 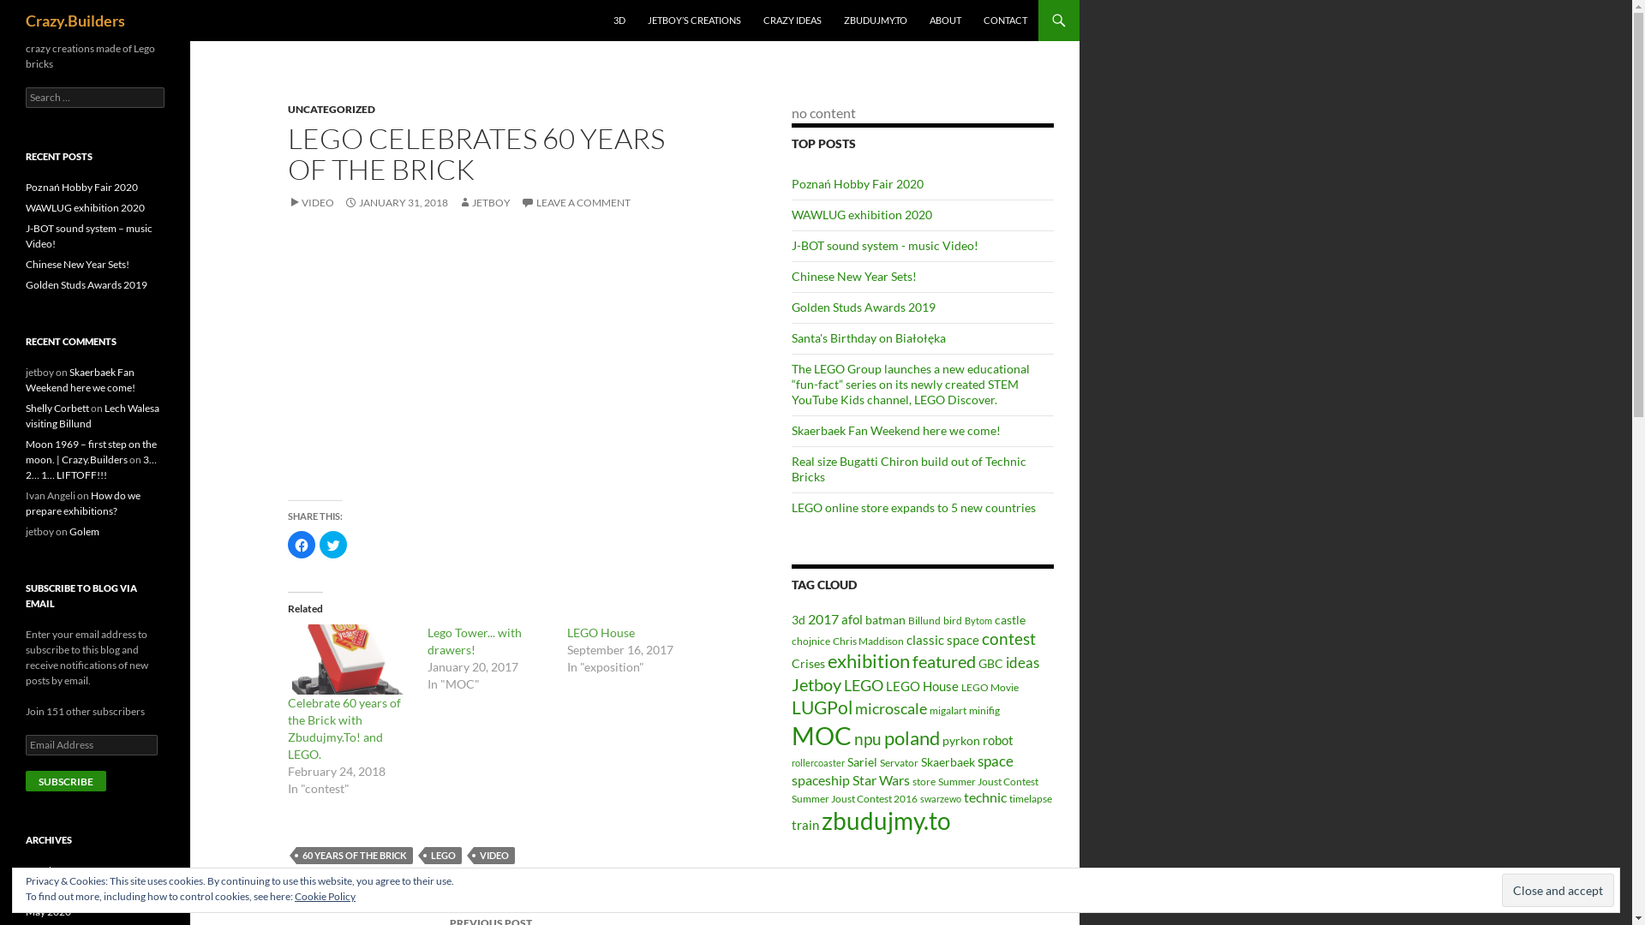 What do you see at coordinates (311, 201) in the screenshot?
I see `'VIDEO'` at bounding box center [311, 201].